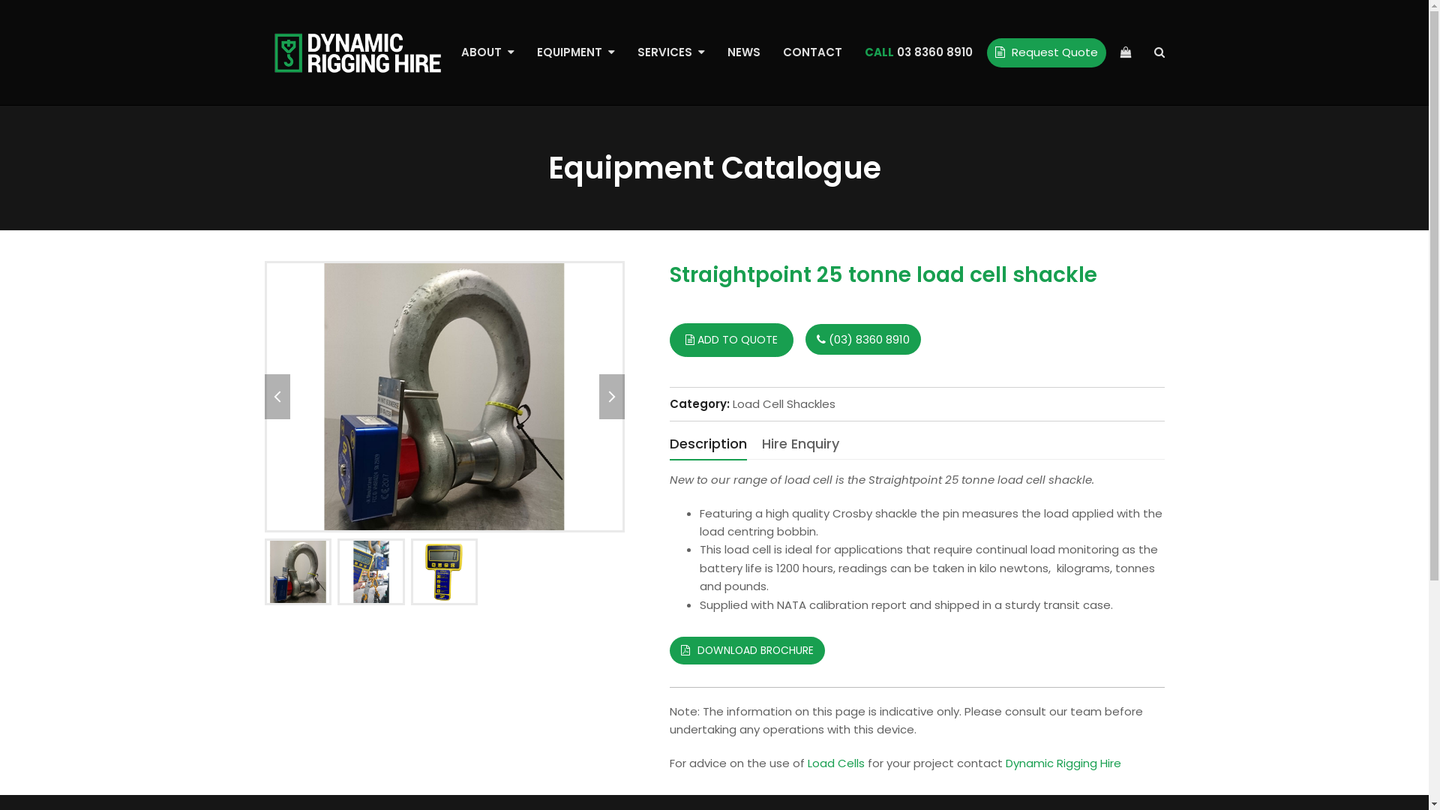 This screenshot has width=1440, height=810. What do you see at coordinates (799, 442) in the screenshot?
I see `'Hire Enquiry'` at bounding box center [799, 442].